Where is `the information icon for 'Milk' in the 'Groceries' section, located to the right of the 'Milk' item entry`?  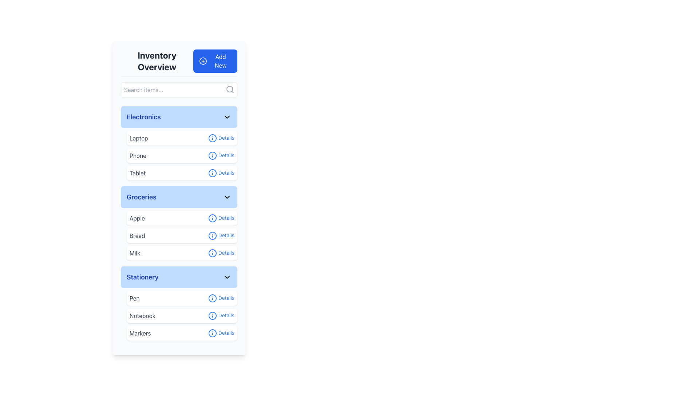 the information icon for 'Milk' in the 'Groceries' section, located to the right of the 'Milk' item entry is located at coordinates (212, 253).